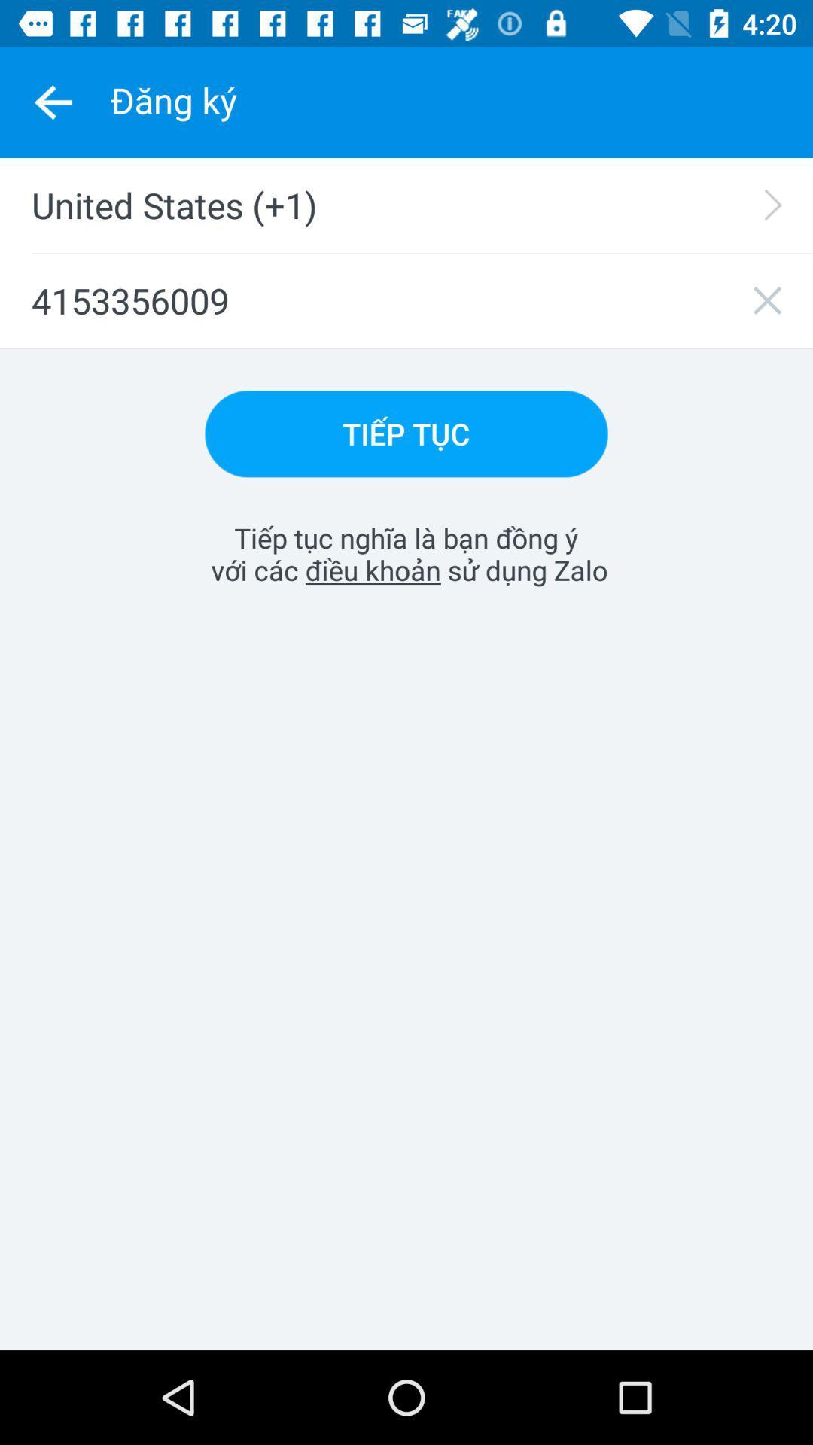 This screenshot has width=813, height=1445. What do you see at coordinates (406, 300) in the screenshot?
I see `the 4153356009 item` at bounding box center [406, 300].